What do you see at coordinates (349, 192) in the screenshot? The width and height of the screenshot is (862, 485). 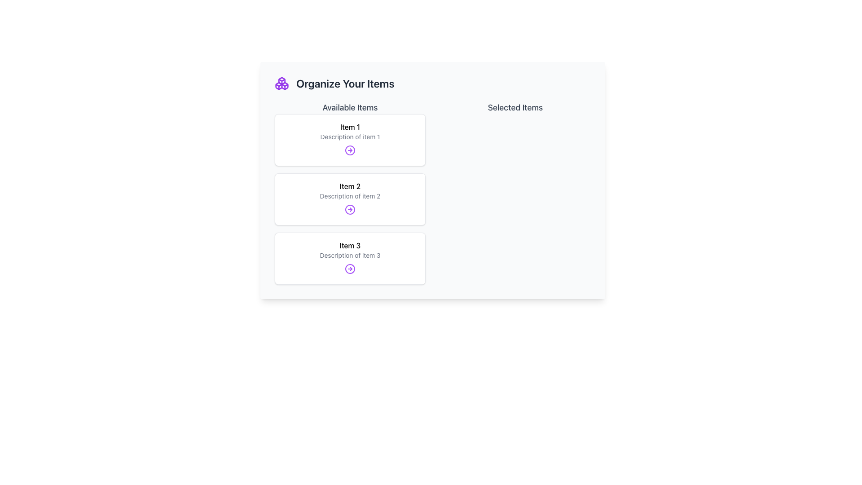 I see `the display card for 'Item 2' located in the 'Available Items' section` at bounding box center [349, 192].